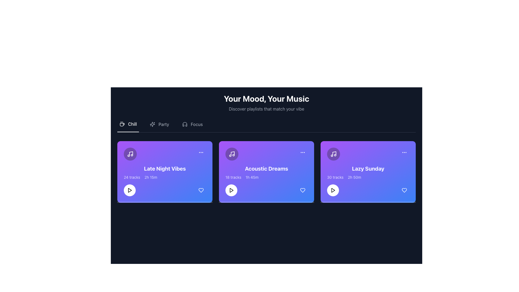  Describe the element at coordinates (185, 124) in the screenshot. I see `the headphones icon located in the top horizontal menu bar, positioned between the 'Party' and 'Focus' labels` at that location.